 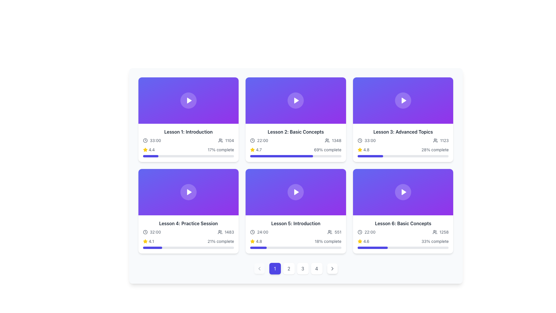 I want to click on the Play button, so click(x=189, y=100).